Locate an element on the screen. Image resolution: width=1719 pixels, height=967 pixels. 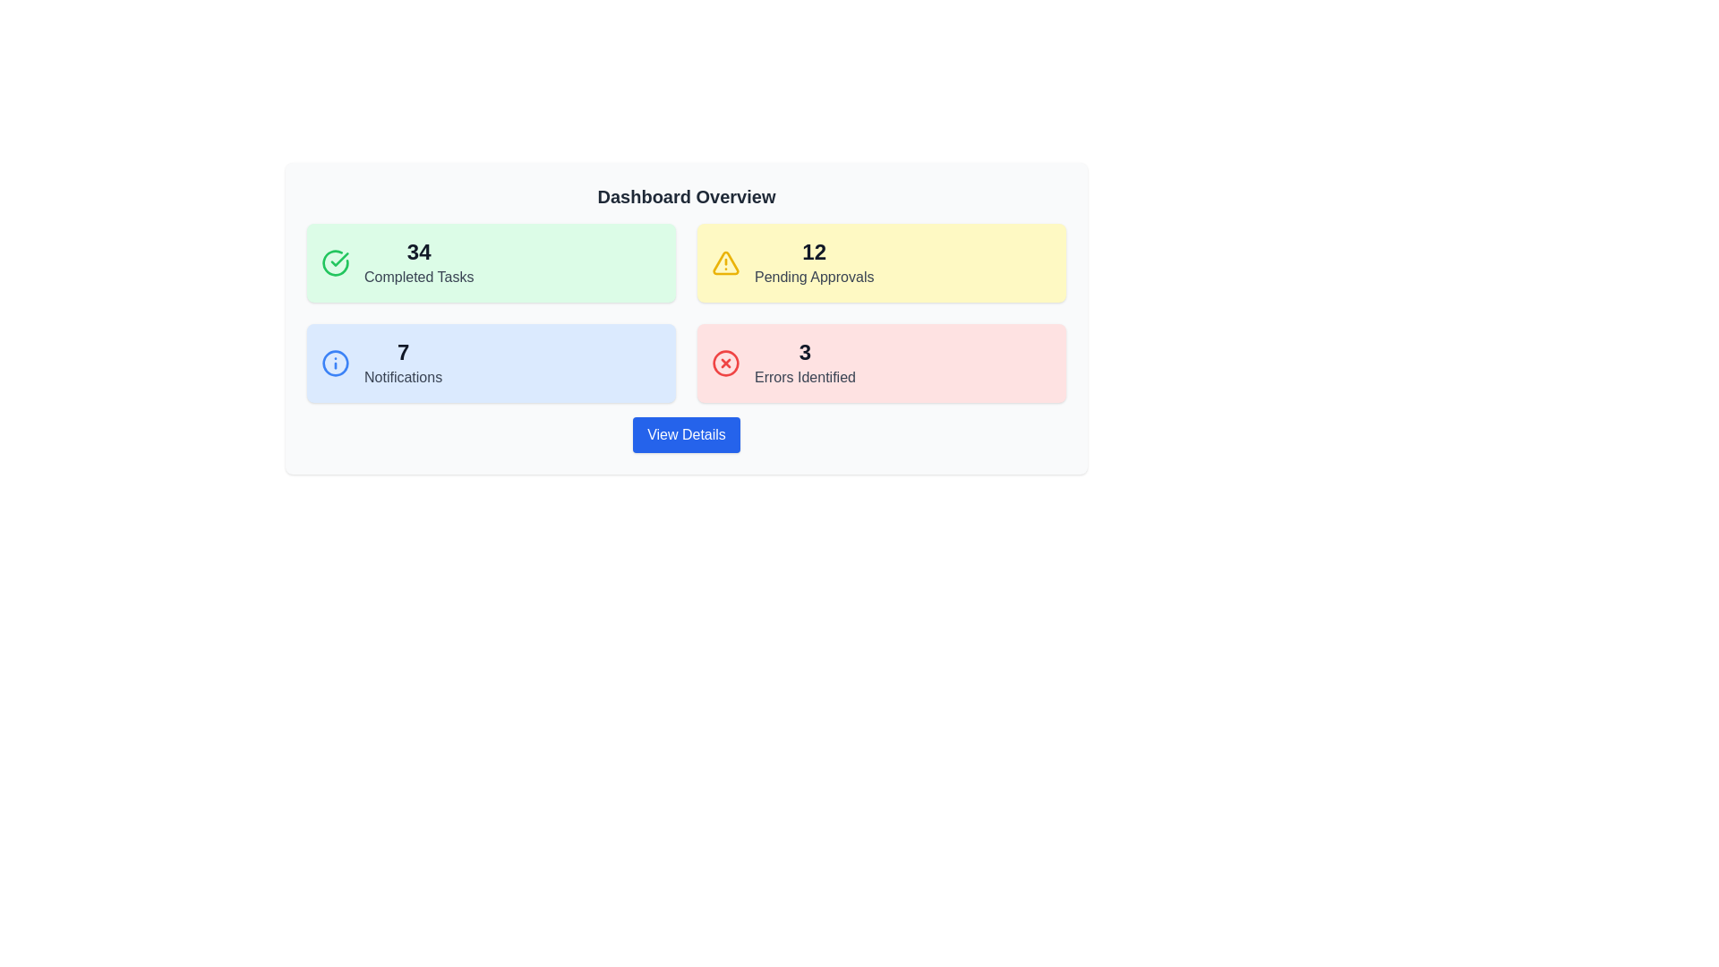
the Informational card with a green background that displays '34 Completed Tasks', located in the top-left position of the grid layout is located at coordinates (491, 262).